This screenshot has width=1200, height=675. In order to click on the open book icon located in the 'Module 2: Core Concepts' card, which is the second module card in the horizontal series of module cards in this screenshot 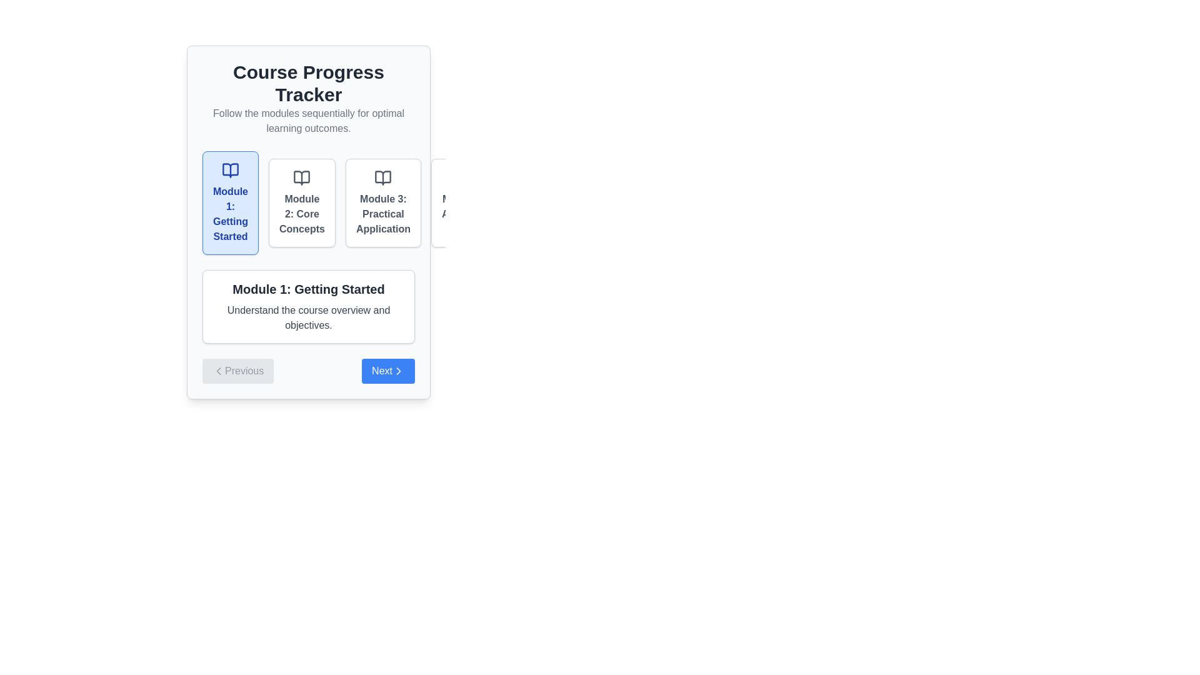, I will do `click(302, 178)`.